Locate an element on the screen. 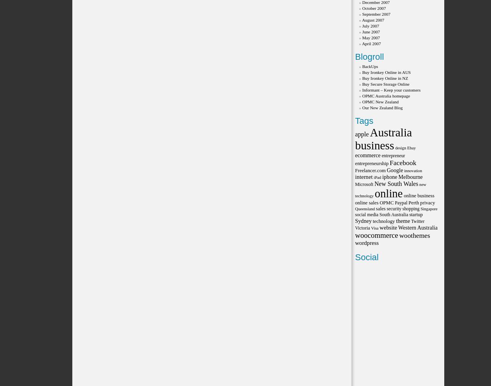 Image resolution: width=491 pixels, height=386 pixels. 'Sydney' is located at coordinates (363, 220).